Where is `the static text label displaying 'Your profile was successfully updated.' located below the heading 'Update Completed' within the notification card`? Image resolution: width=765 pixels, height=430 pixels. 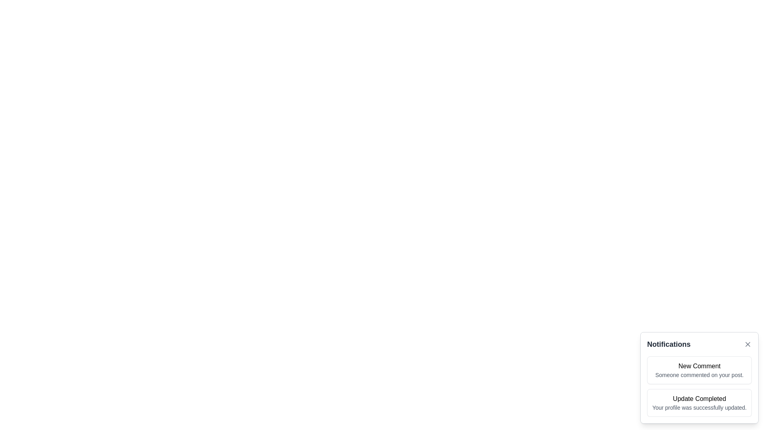
the static text label displaying 'Your profile was successfully updated.' located below the heading 'Update Completed' within the notification card is located at coordinates (699, 407).